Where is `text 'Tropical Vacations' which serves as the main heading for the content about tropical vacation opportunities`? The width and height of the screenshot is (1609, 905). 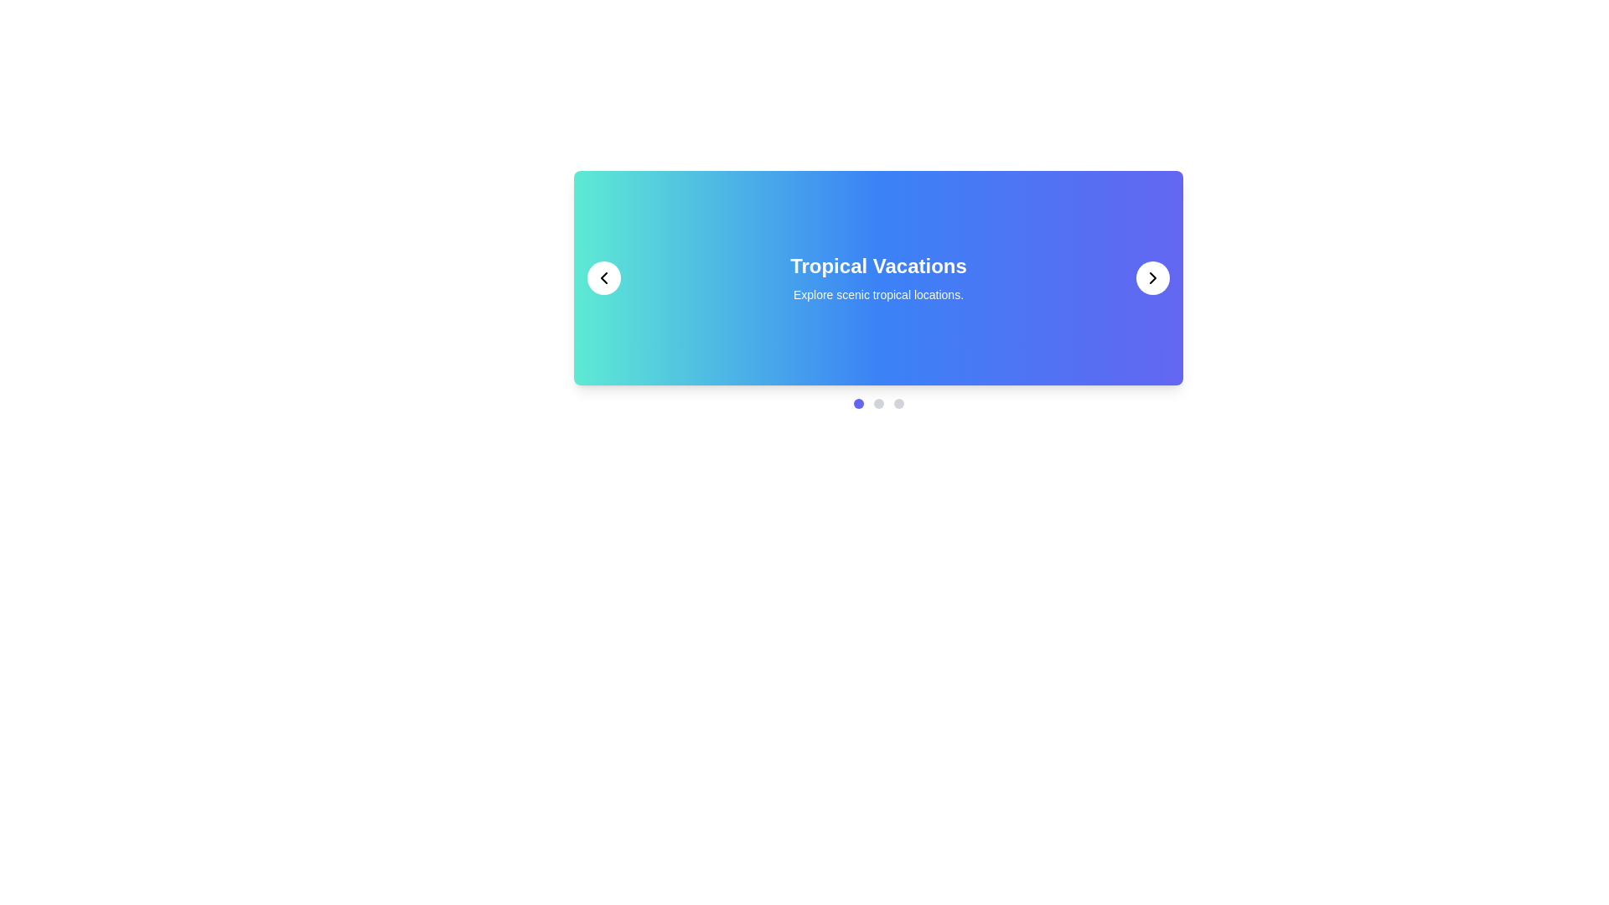
text 'Tropical Vacations' which serves as the main heading for the content about tropical vacation opportunities is located at coordinates (877, 265).